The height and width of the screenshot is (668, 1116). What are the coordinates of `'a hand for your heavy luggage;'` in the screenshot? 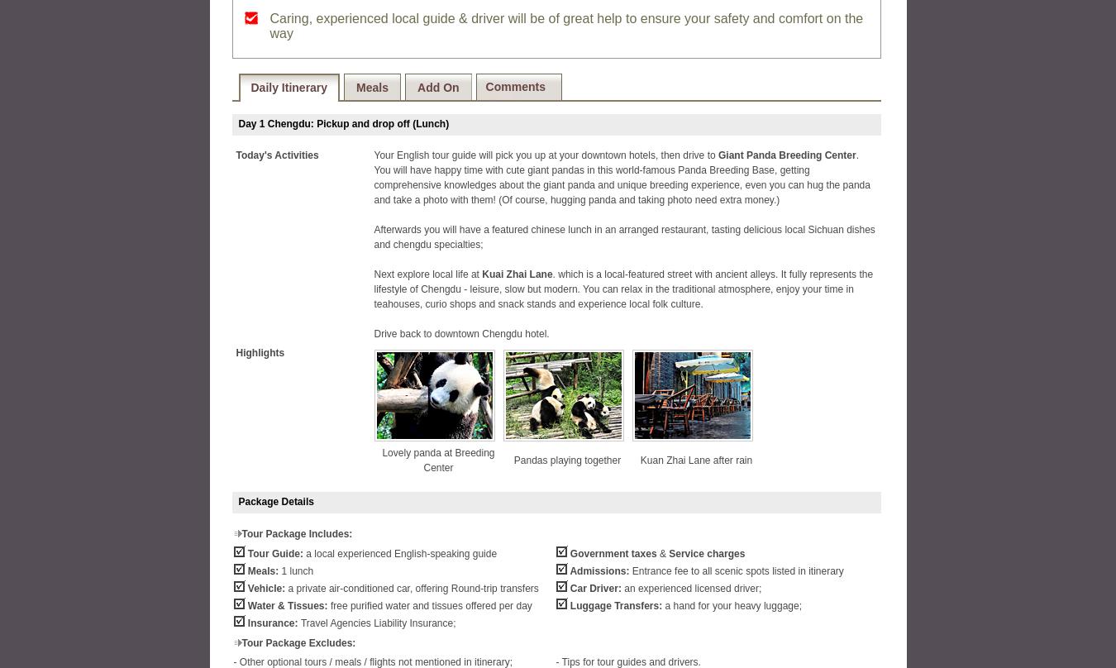 It's located at (732, 605).